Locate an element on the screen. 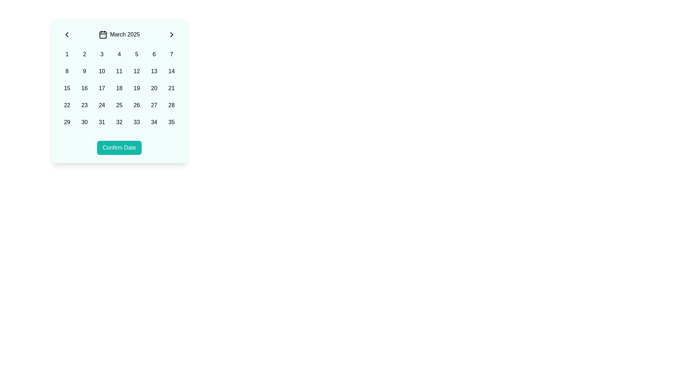 This screenshot has width=680, height=382. accessibility features of the button that navigates to the next month in the calendar view, located to the far right of the month-year heading is located at coordinates (171, 34).